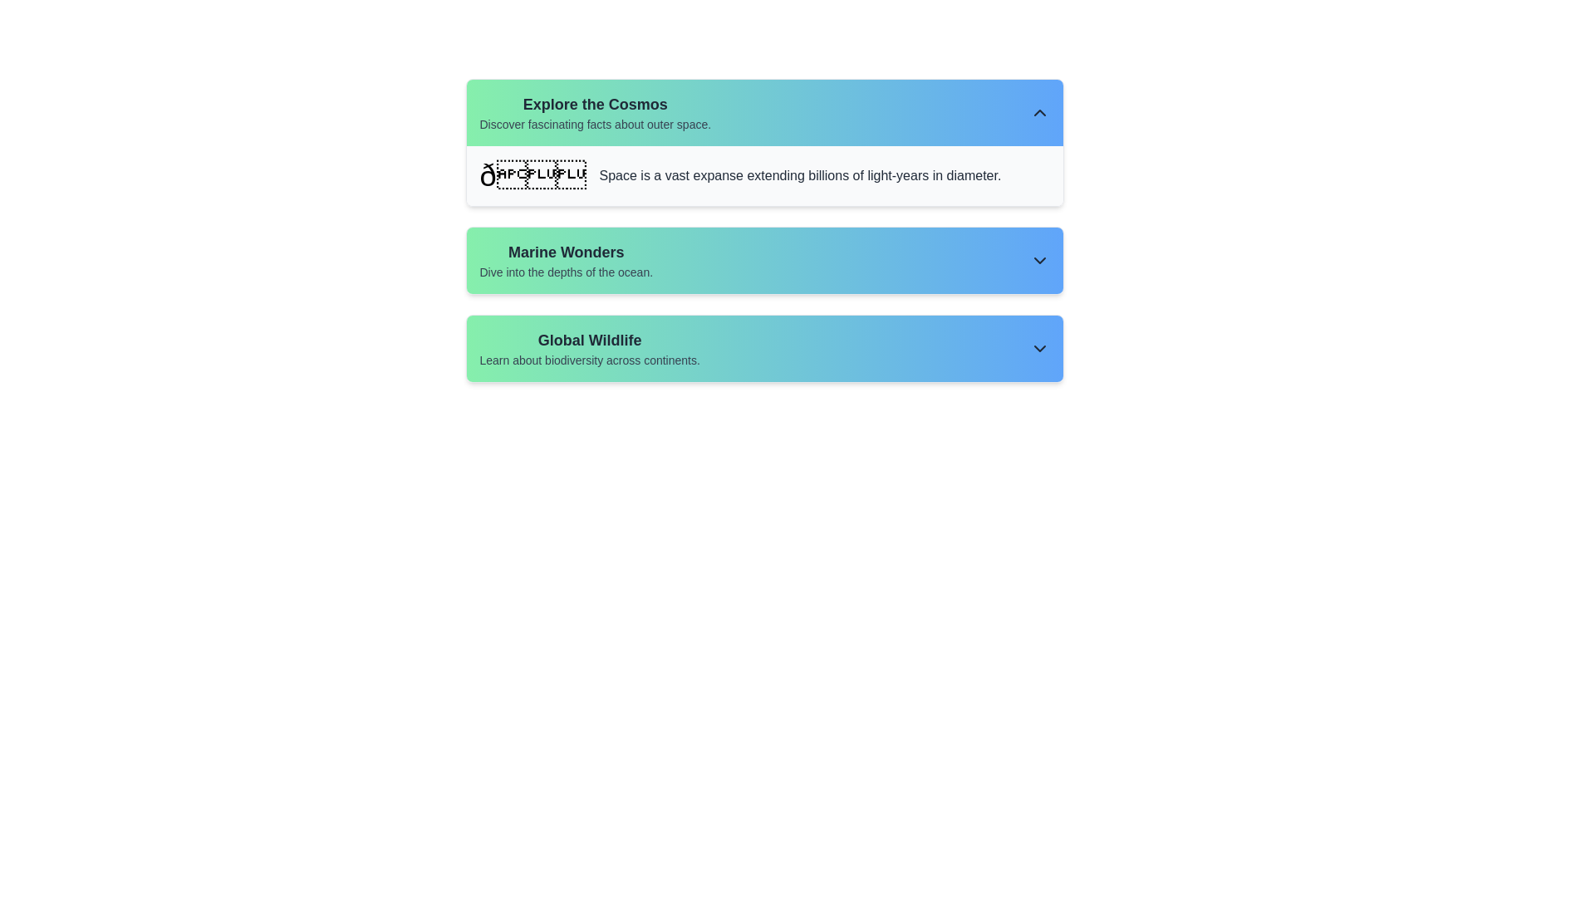  Describe the element at coordinates (595, 105) in the screenshot. I see `the header text element located at the top-left section of the card component, which introduces the content related to exploring the cosmos` at that location.